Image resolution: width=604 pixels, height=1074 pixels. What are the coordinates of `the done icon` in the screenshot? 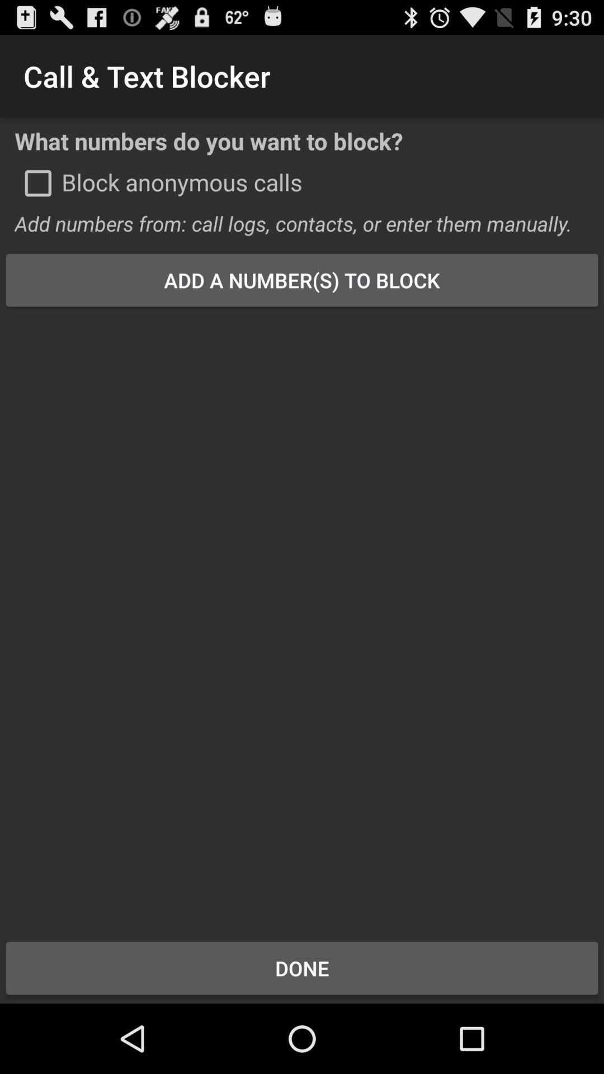 It's located at (302, 968).